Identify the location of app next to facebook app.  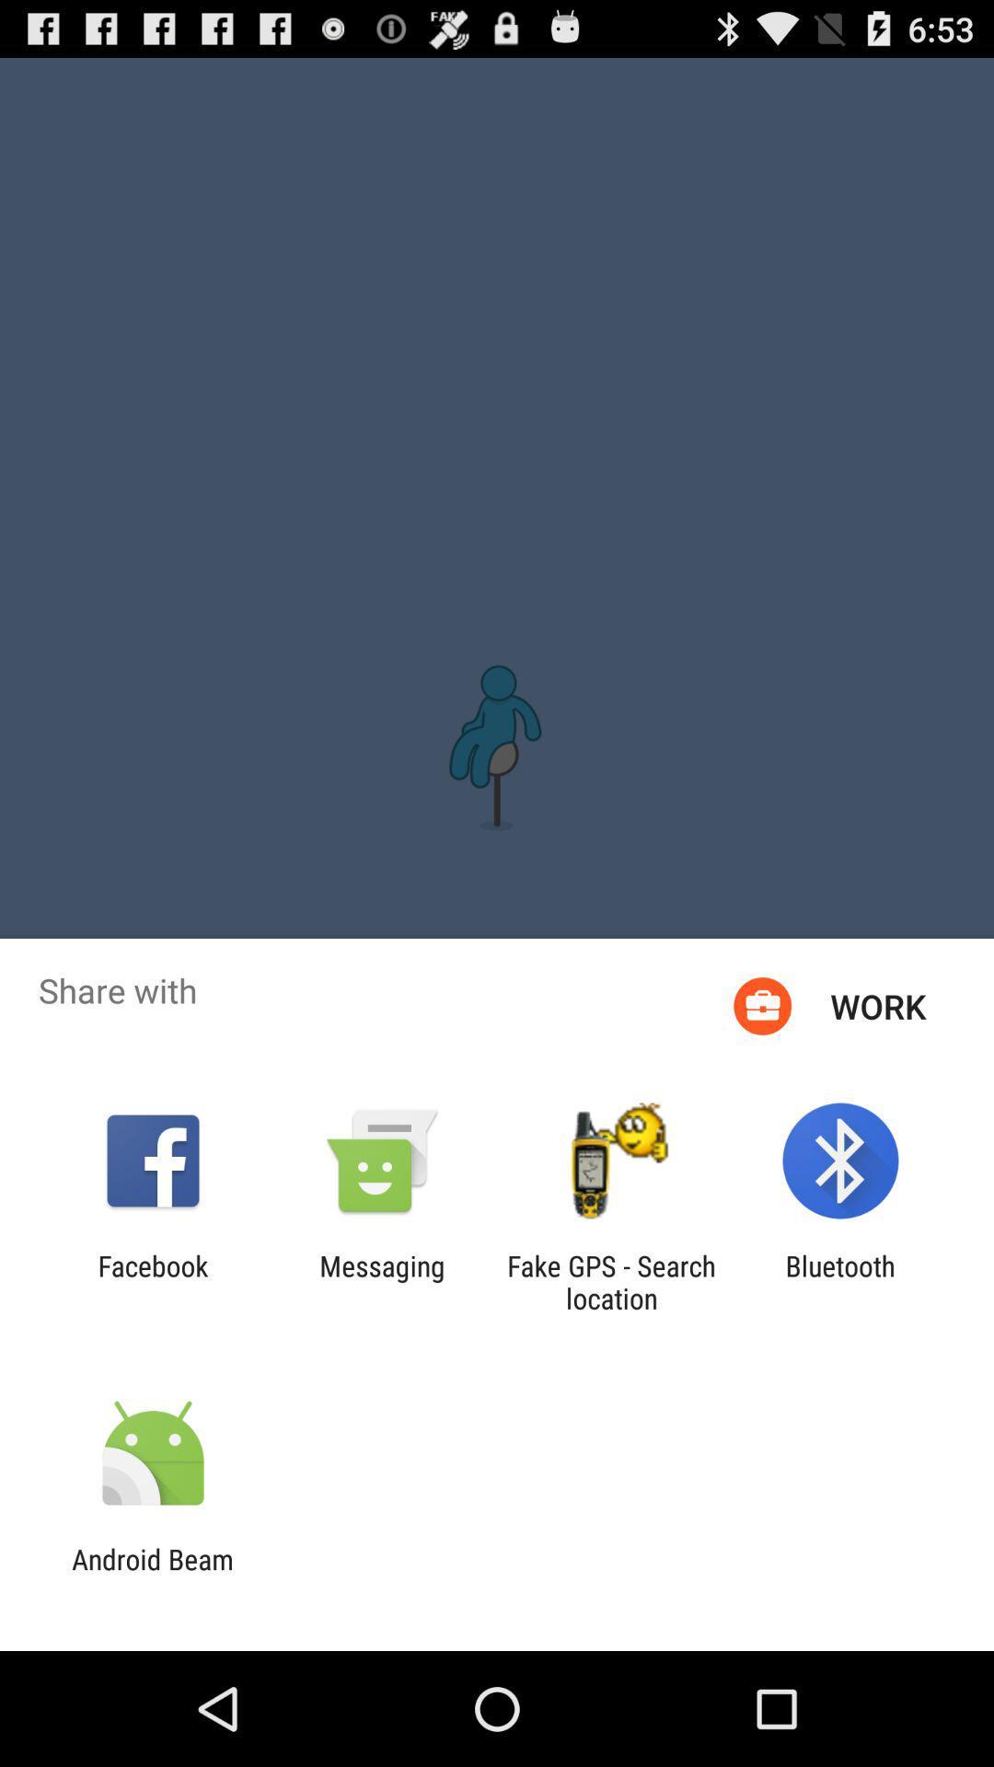
(381, 1281).